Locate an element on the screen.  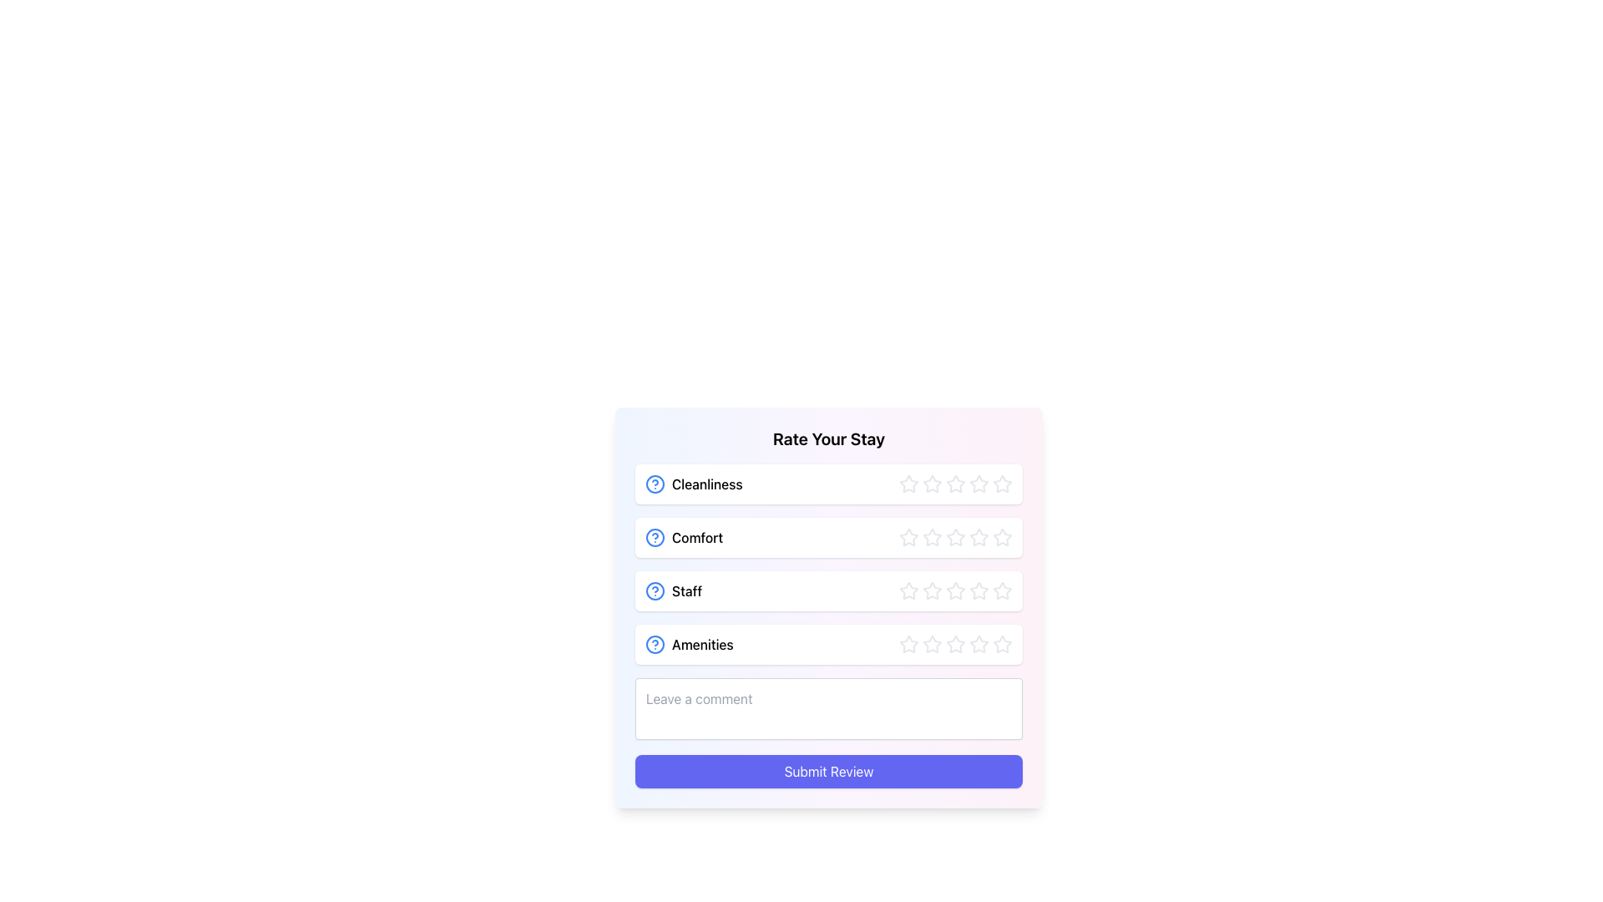
the text label 'Staff' which is part of the 'Rate Your Stay' section, located in the third row and styled with a medium font weight, positioned between a help icon and a row of stars is located at coordinates (687, 590).